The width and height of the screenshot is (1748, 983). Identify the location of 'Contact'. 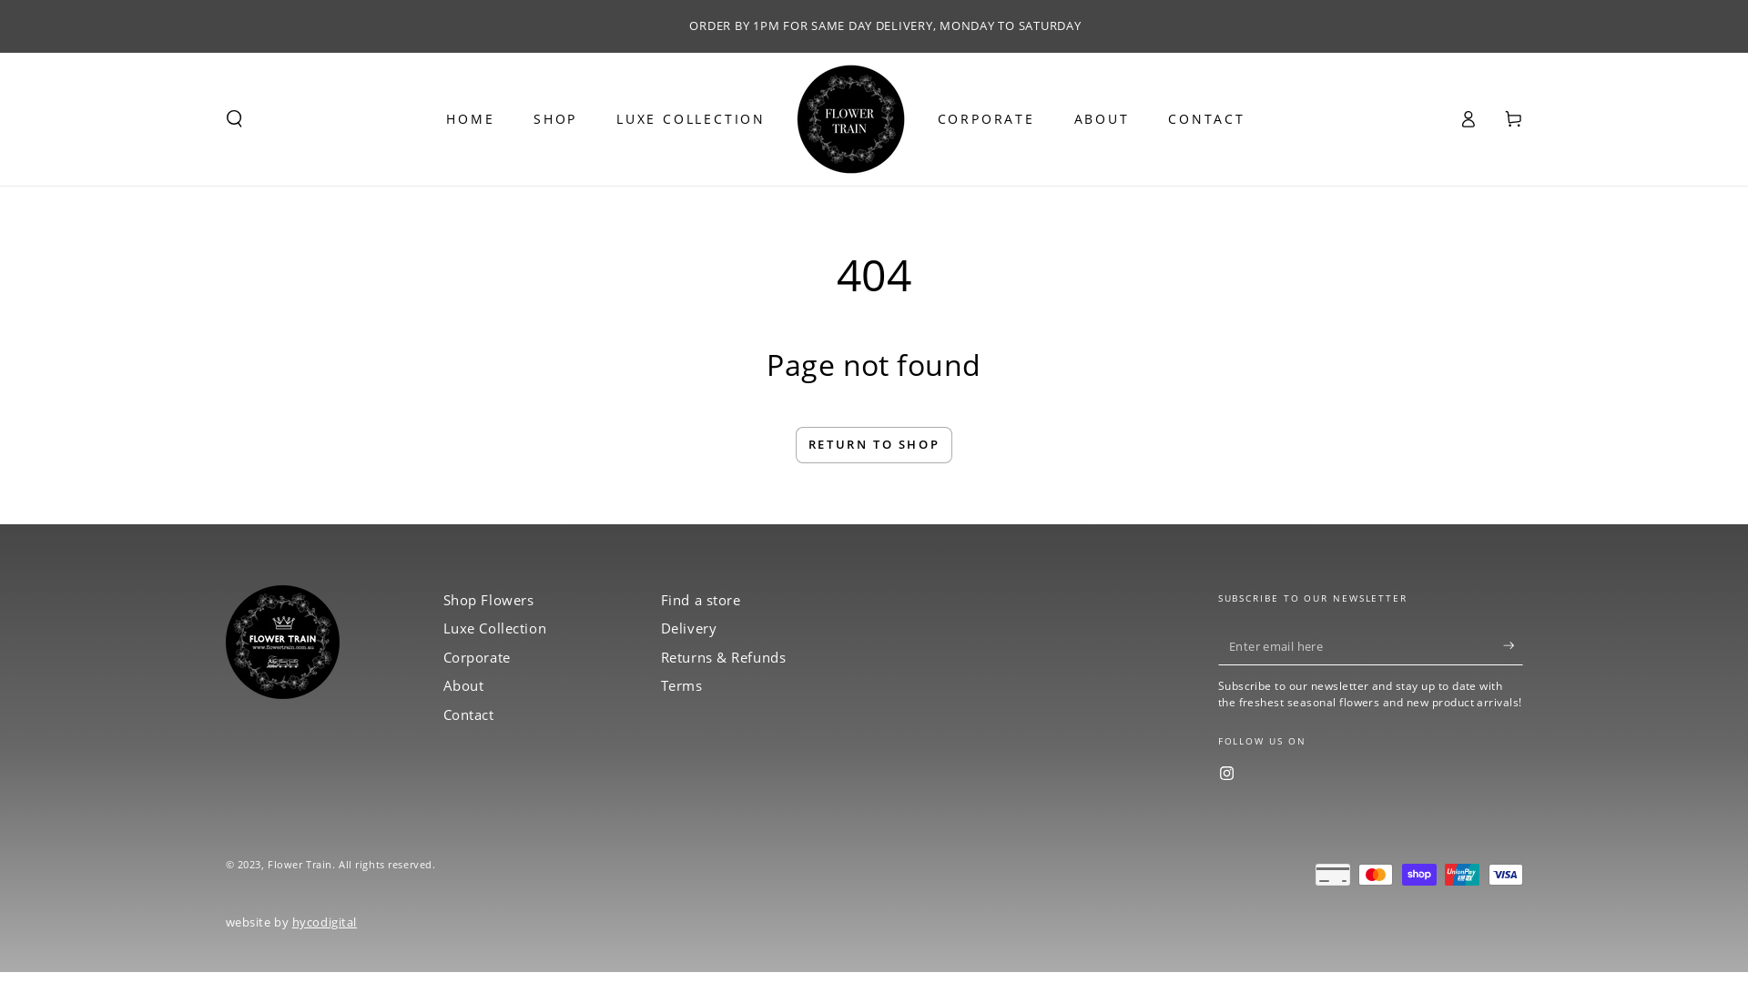
(468, 714).